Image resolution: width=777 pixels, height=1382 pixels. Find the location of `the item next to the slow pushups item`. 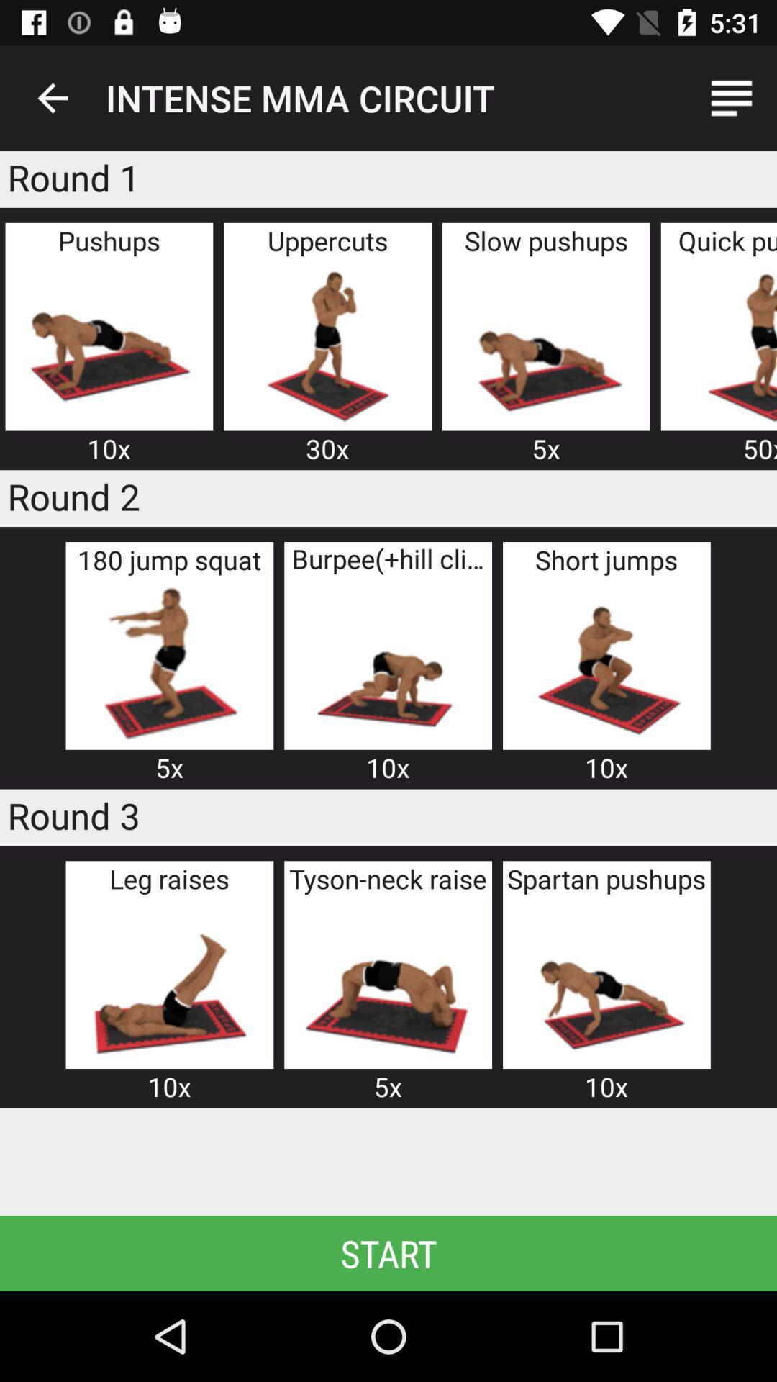

the item next to the slow pushups item is located at coordinates (327, 343).